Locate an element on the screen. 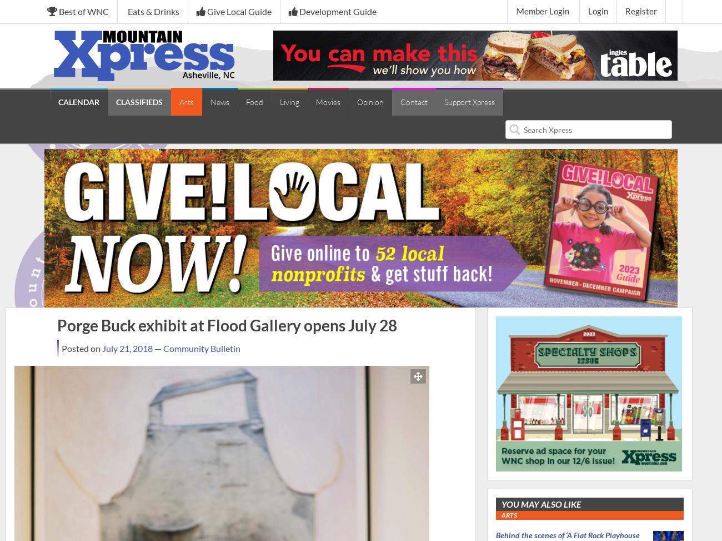  'Opinion' is located at coordinates (370, 102).